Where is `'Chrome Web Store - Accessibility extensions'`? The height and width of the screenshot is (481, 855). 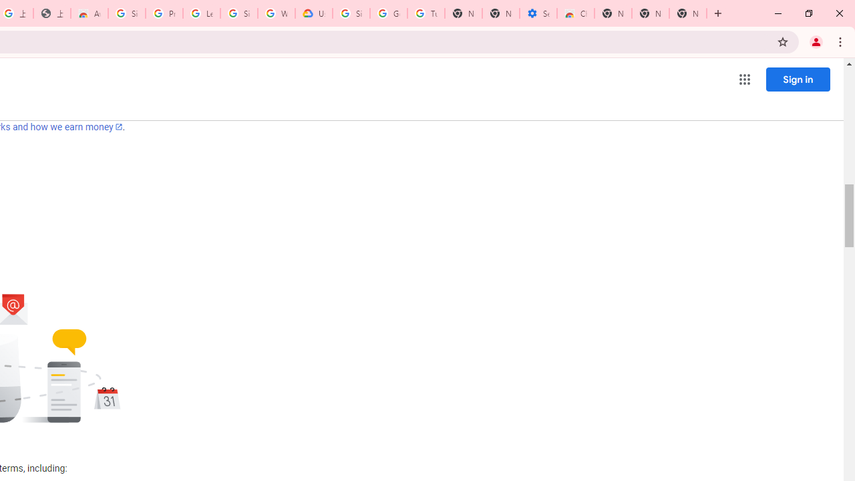
'Chrome Web Store - Accessibility extensions' is located at coordinates (576, 13).